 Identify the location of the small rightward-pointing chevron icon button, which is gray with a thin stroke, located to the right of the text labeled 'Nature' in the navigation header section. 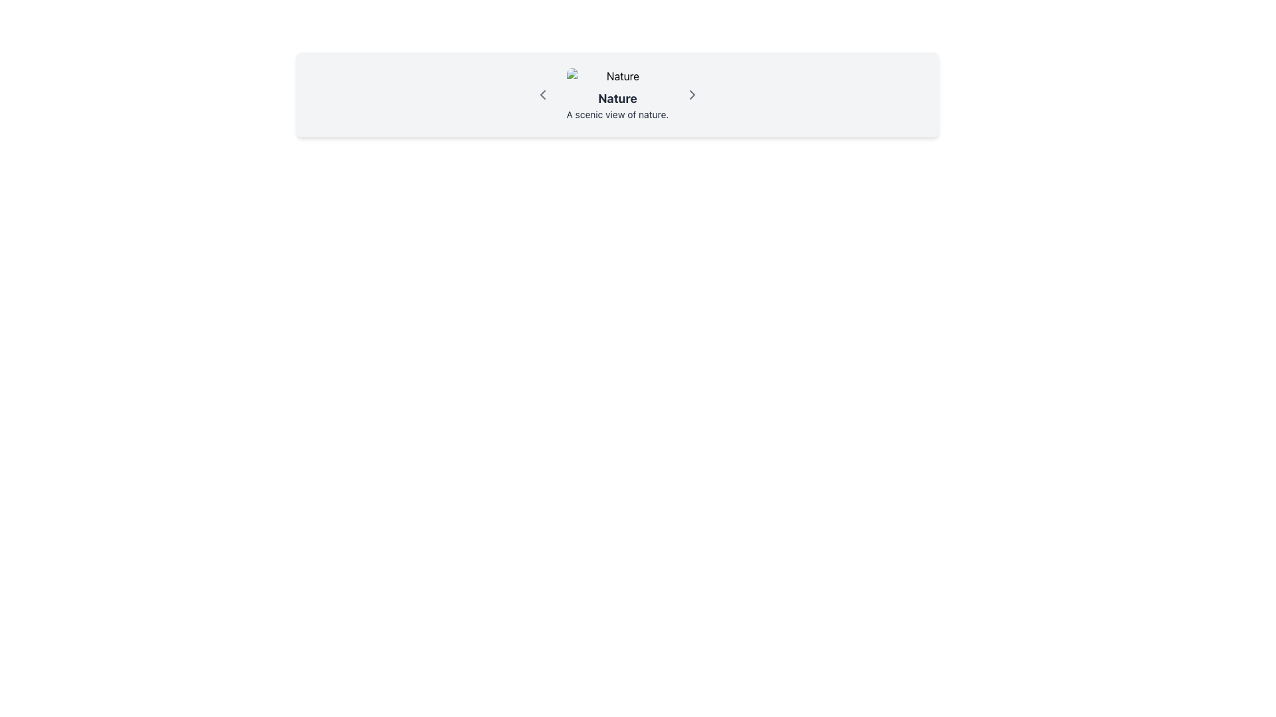
(692, 94).